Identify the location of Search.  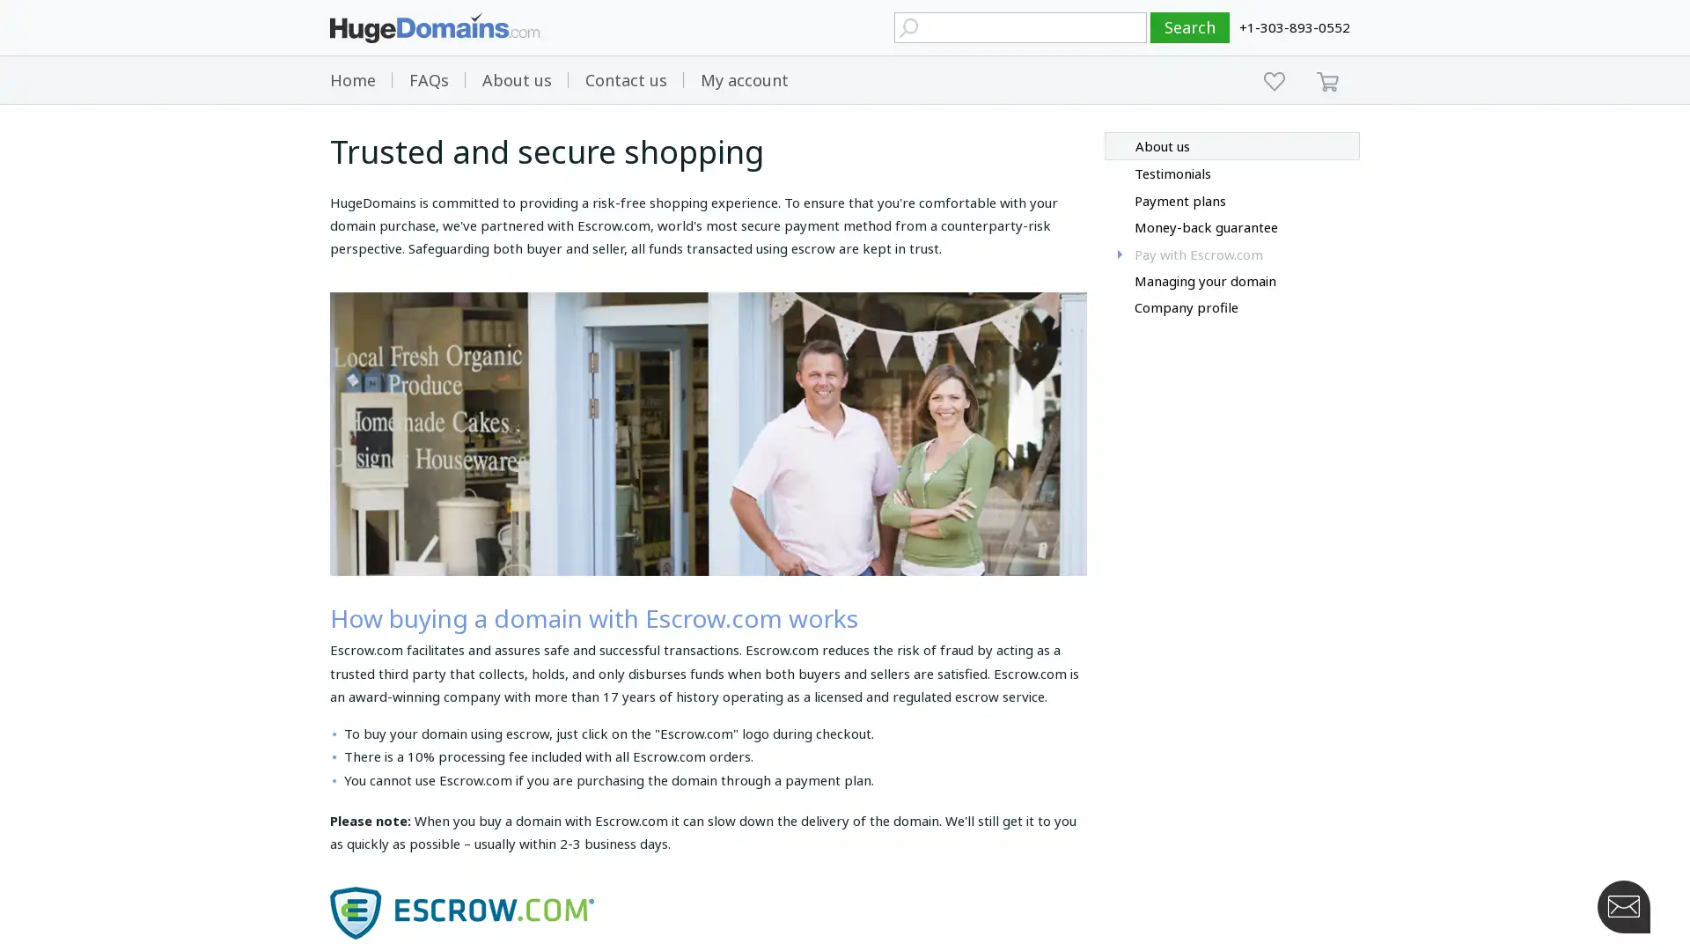
(1190, 27).